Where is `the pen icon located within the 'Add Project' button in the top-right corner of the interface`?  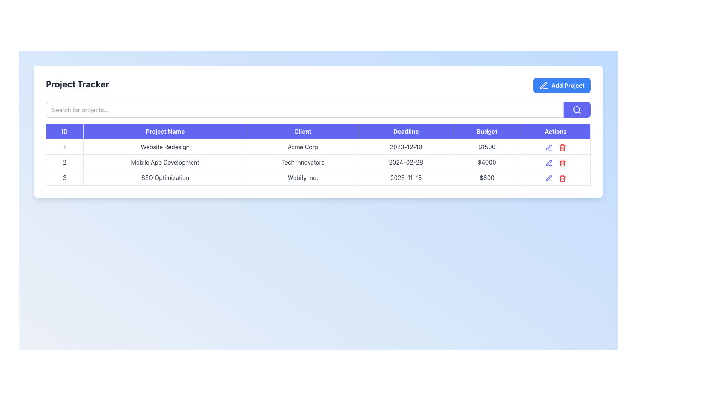
the pen icon located within the 'Add Project' button in the top-right corner of the interface is located at coordinates (543, 85).